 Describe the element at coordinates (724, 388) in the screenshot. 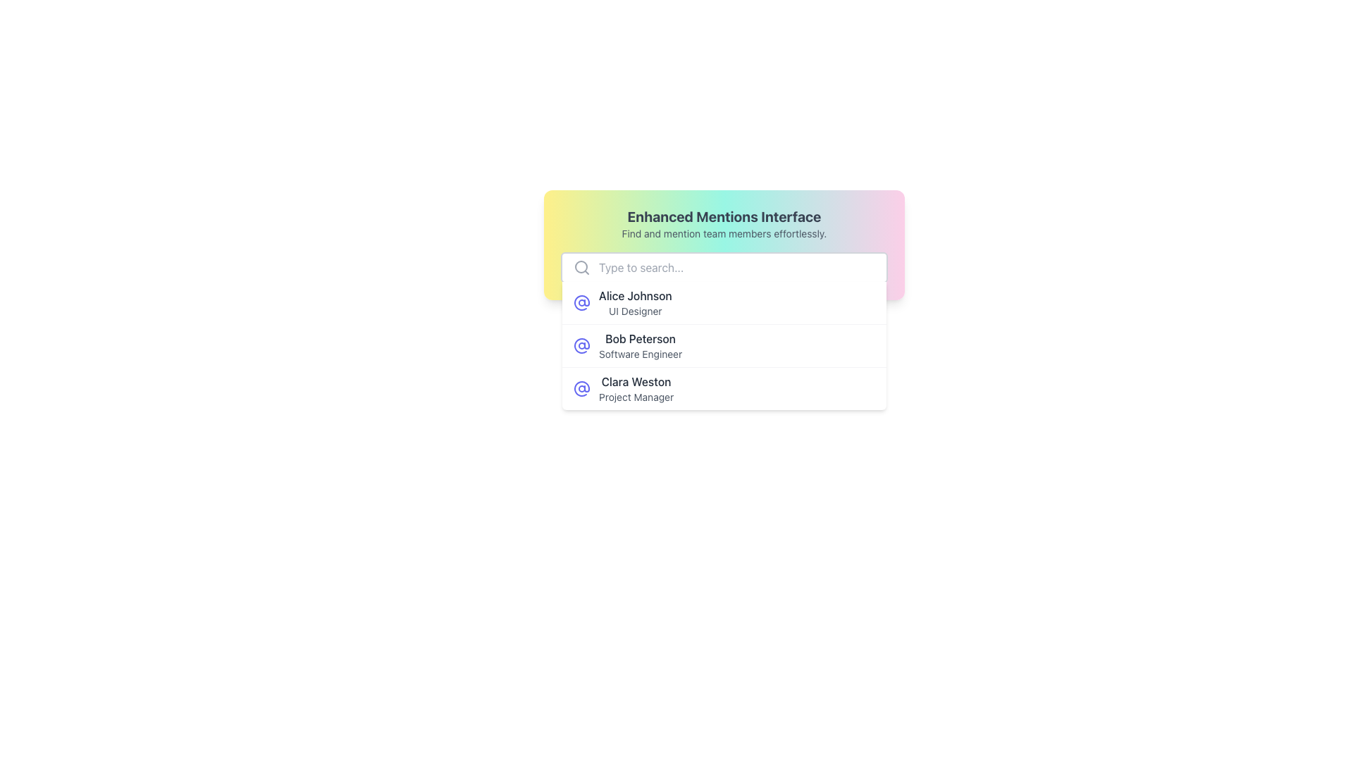

I see `the third item in the mention dropdown list, which represents 'Clara Weston', by clicking on it` at that location.